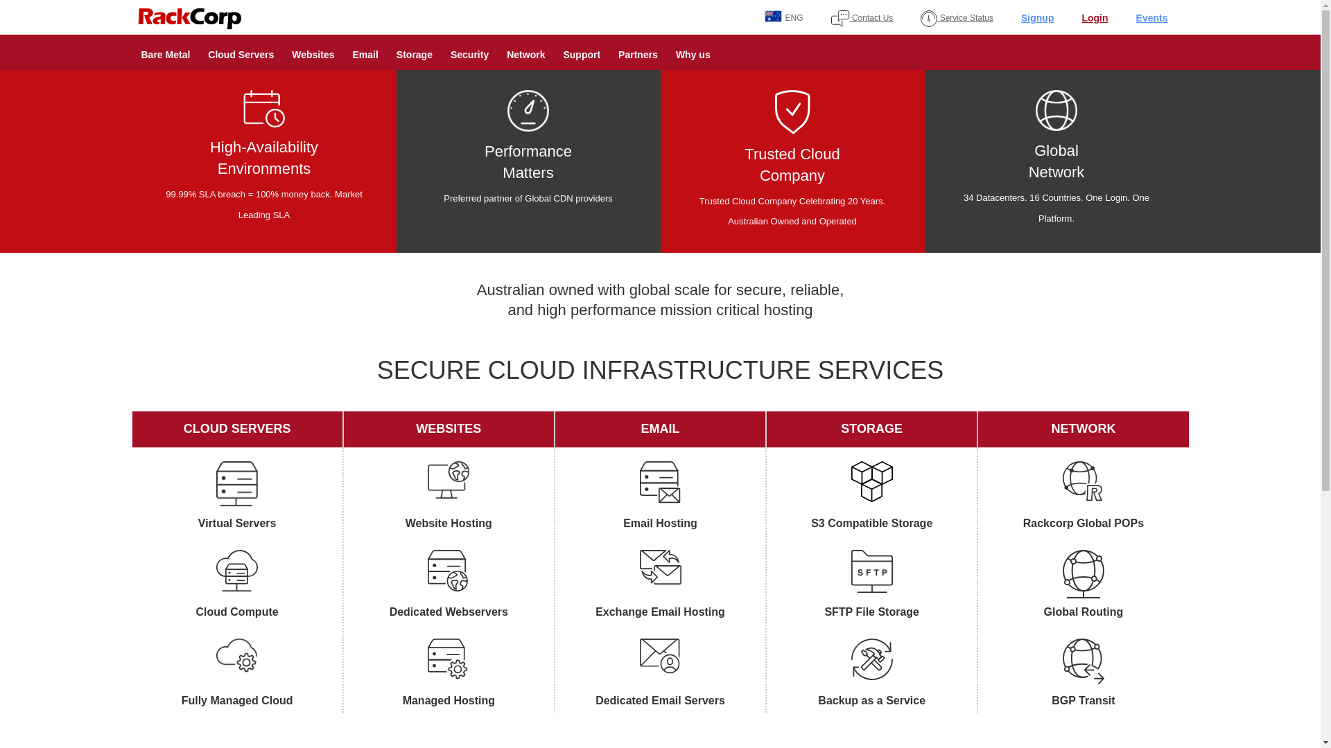 This screenshot has width=1331, height=748. I want to click on 'Dedicated Email Servers', so click(659, 672).